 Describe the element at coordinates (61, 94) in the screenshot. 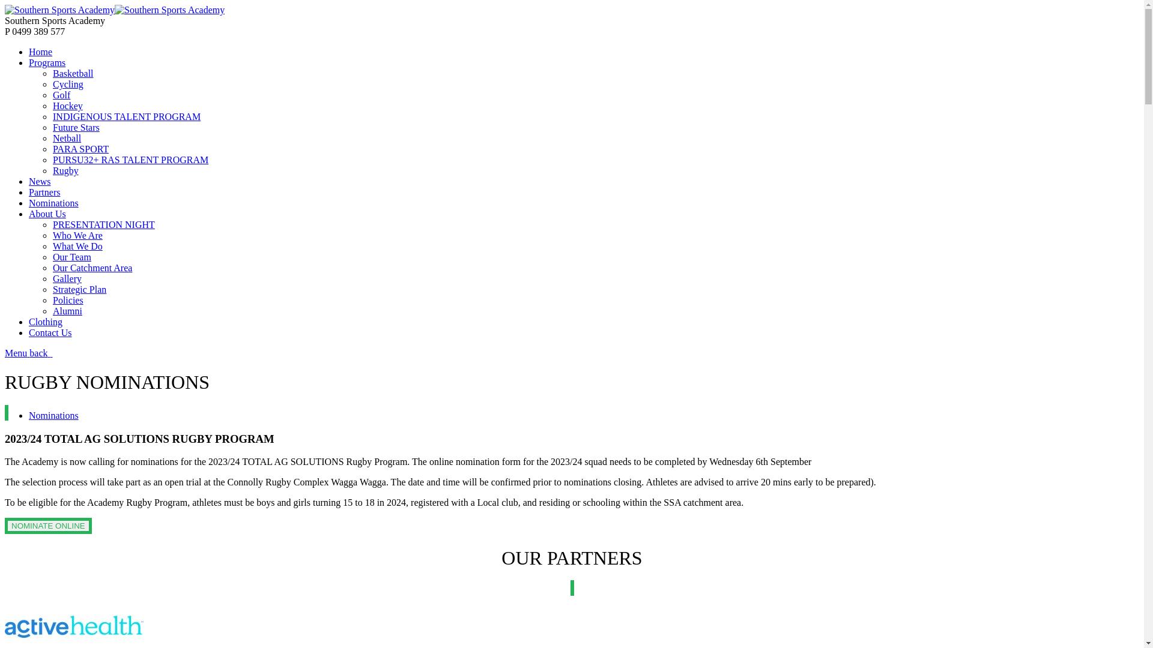

I see `'Golf'` at that location.